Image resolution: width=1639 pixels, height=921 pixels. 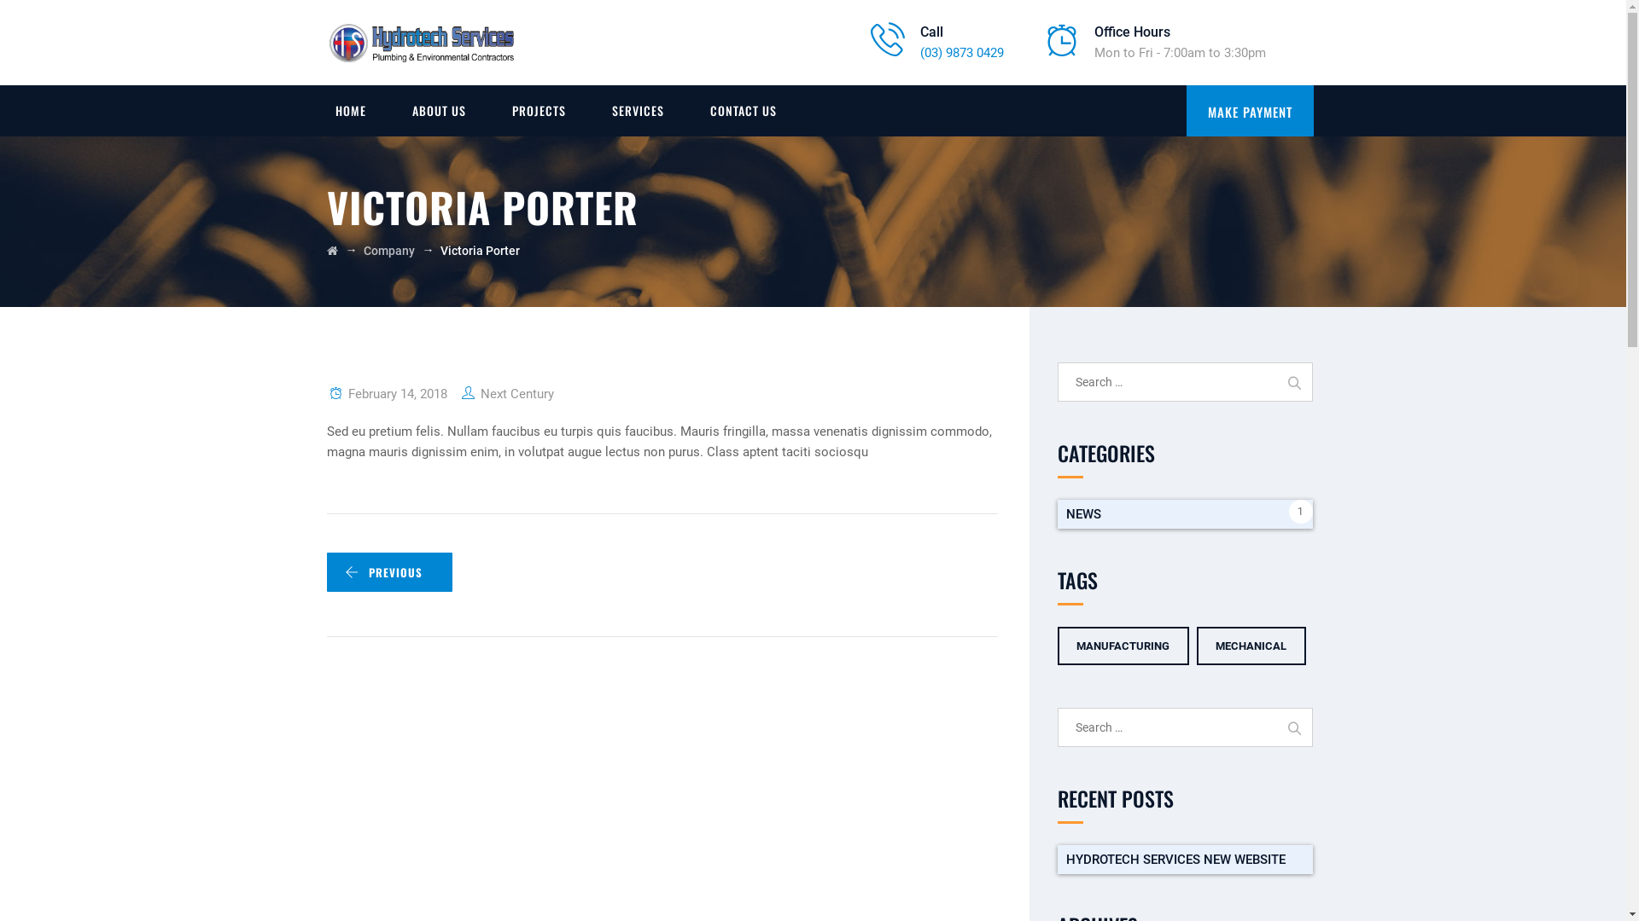 What do you see at coordinates (1250, 111) in the screenshot?
I see `'MAKE PAYMENT'` at bounding box center [1250, 111].